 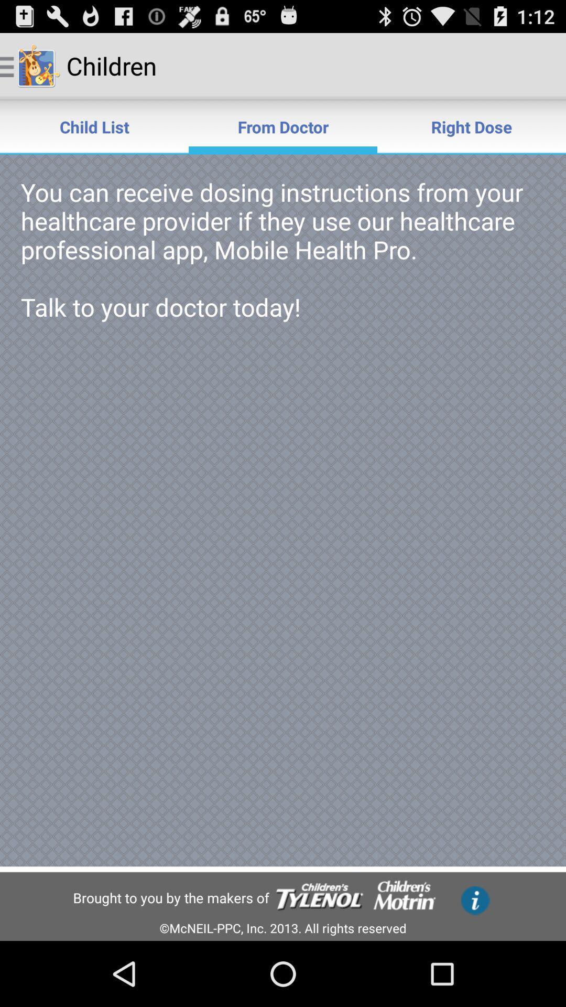 I want to click on the item to the left of from doctor, so click(x=94, y=126).